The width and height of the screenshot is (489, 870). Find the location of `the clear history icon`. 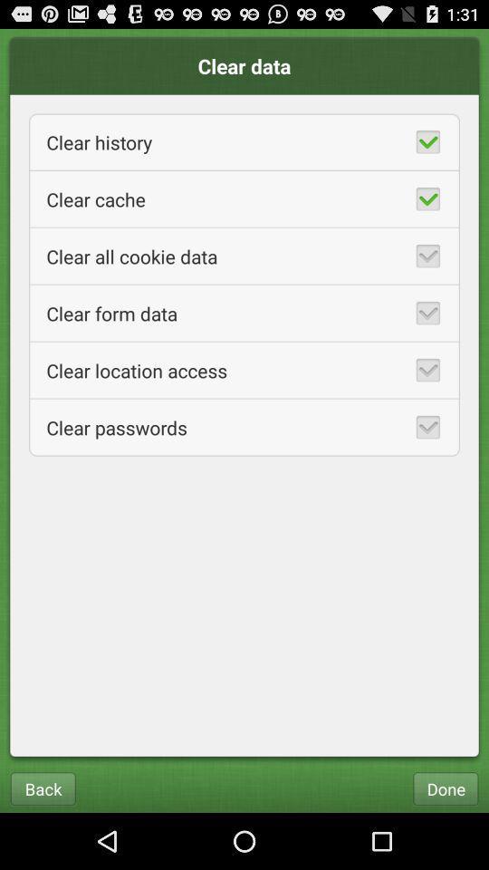

the clear history icon is located at coordinates (244, 140).